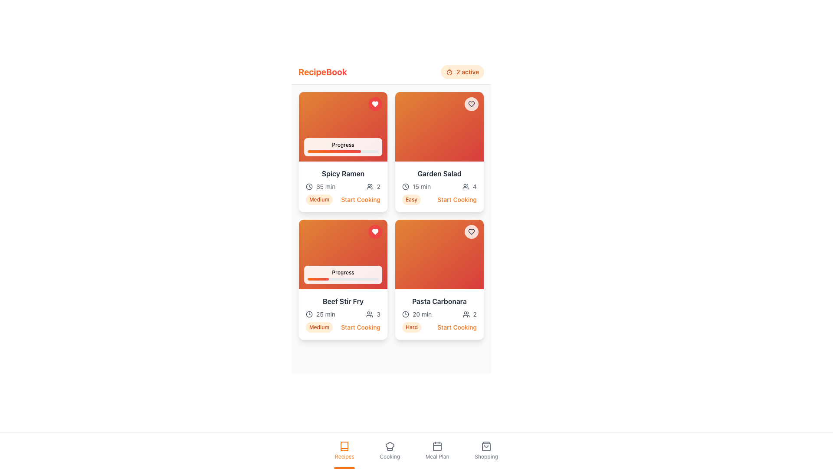  Describe the element at coordinates (411, 199) in the screenshot. I see `the difficulty level indicator tag for the 'Garden Salad' recipe, which is categorized as 'Easy', located to the left of the 'Start Cooking' link` at that location.